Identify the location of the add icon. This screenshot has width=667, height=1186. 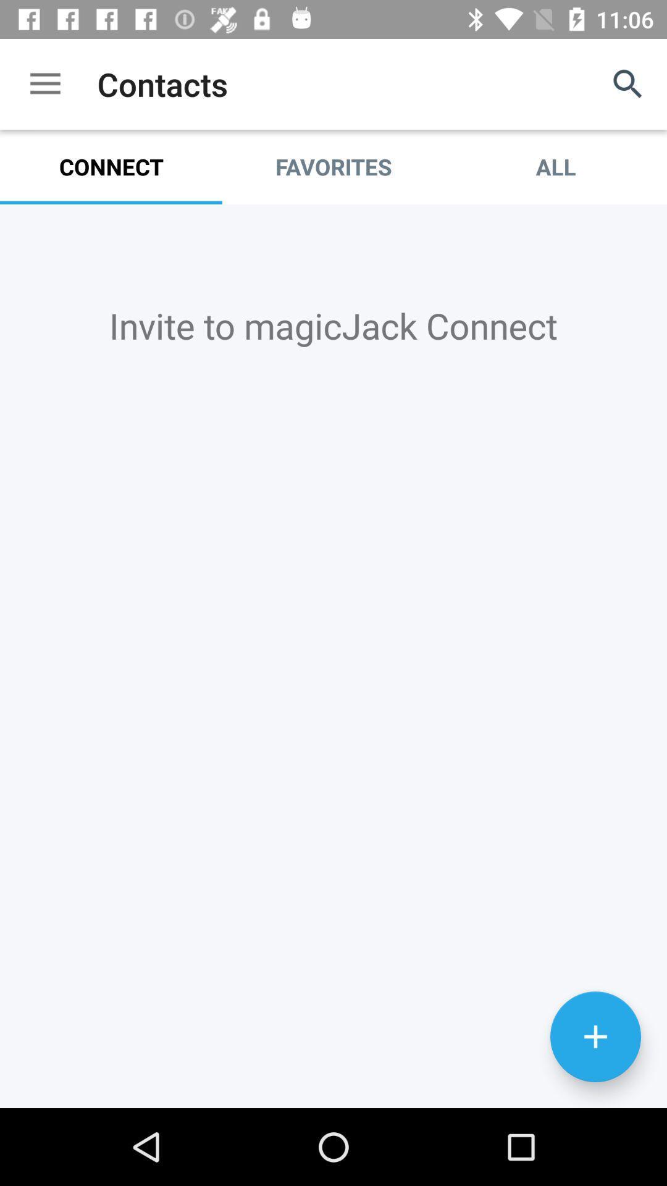
(595, 1109).